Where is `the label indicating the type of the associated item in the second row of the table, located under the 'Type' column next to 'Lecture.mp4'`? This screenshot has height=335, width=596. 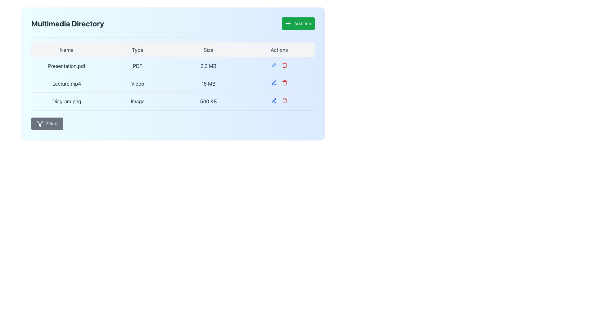
the label indicating the type of the associated item in the second row of the table, located under the 'Type' column next to 'Lecture.mp4' is located at coordinates (137, 84).